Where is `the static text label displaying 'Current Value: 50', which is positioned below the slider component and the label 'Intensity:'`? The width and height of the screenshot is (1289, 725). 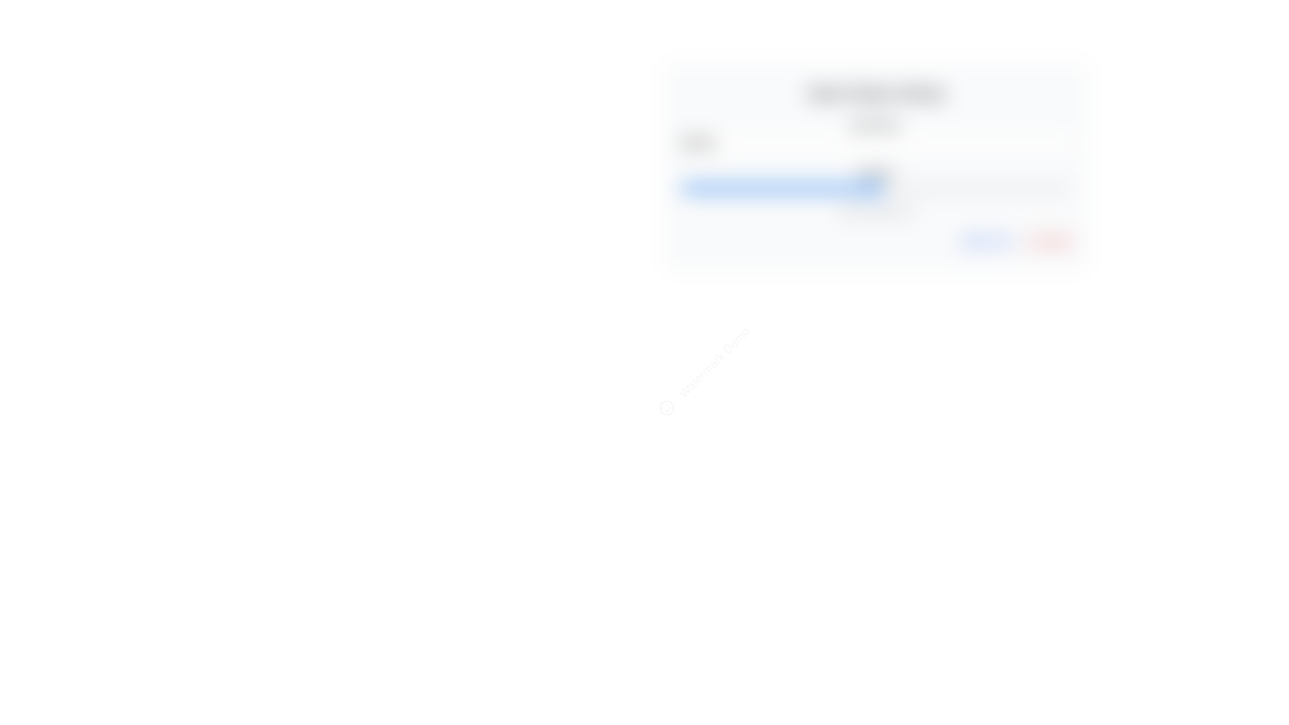 the static text label displaying 'Current Value: 50', which is positioned below the slider component and the label 'Intensity:' is located at coordinates (876, 210).